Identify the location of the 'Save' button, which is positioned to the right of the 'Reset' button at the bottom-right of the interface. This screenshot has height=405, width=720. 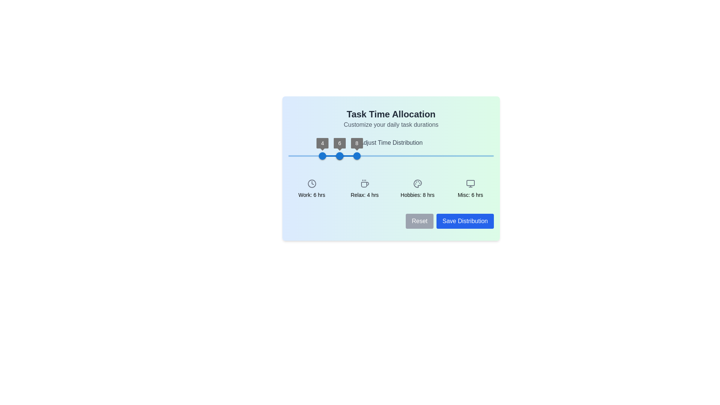
(465, 221).